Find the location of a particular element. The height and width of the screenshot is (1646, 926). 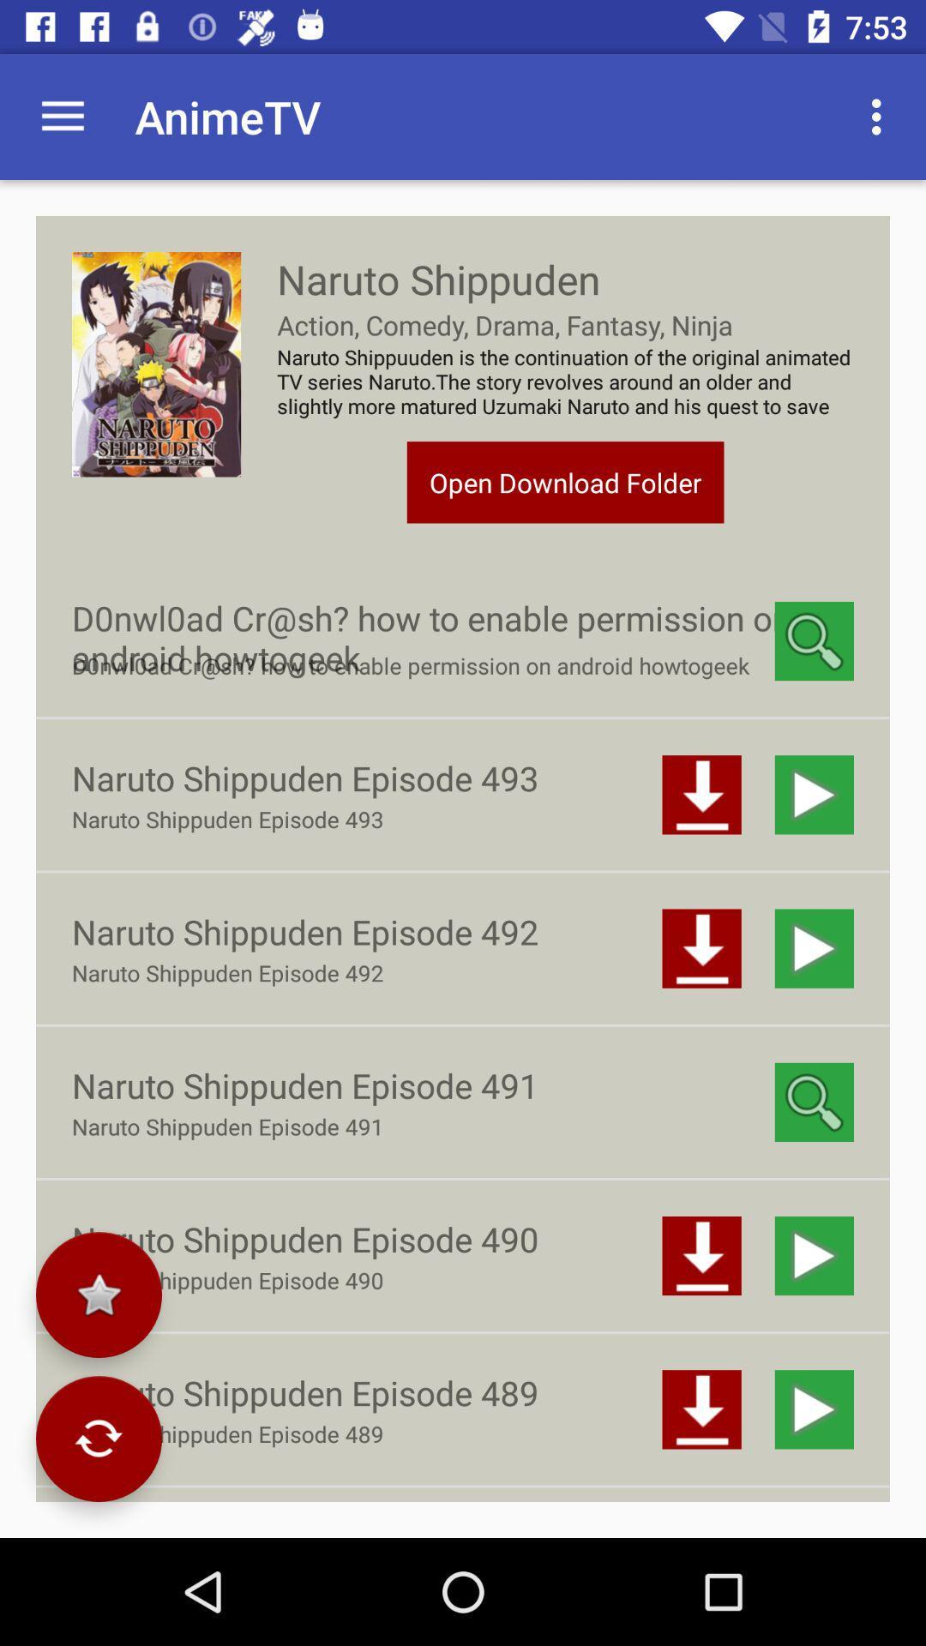

the item at the top right corner is located at coordinates (881, 116).